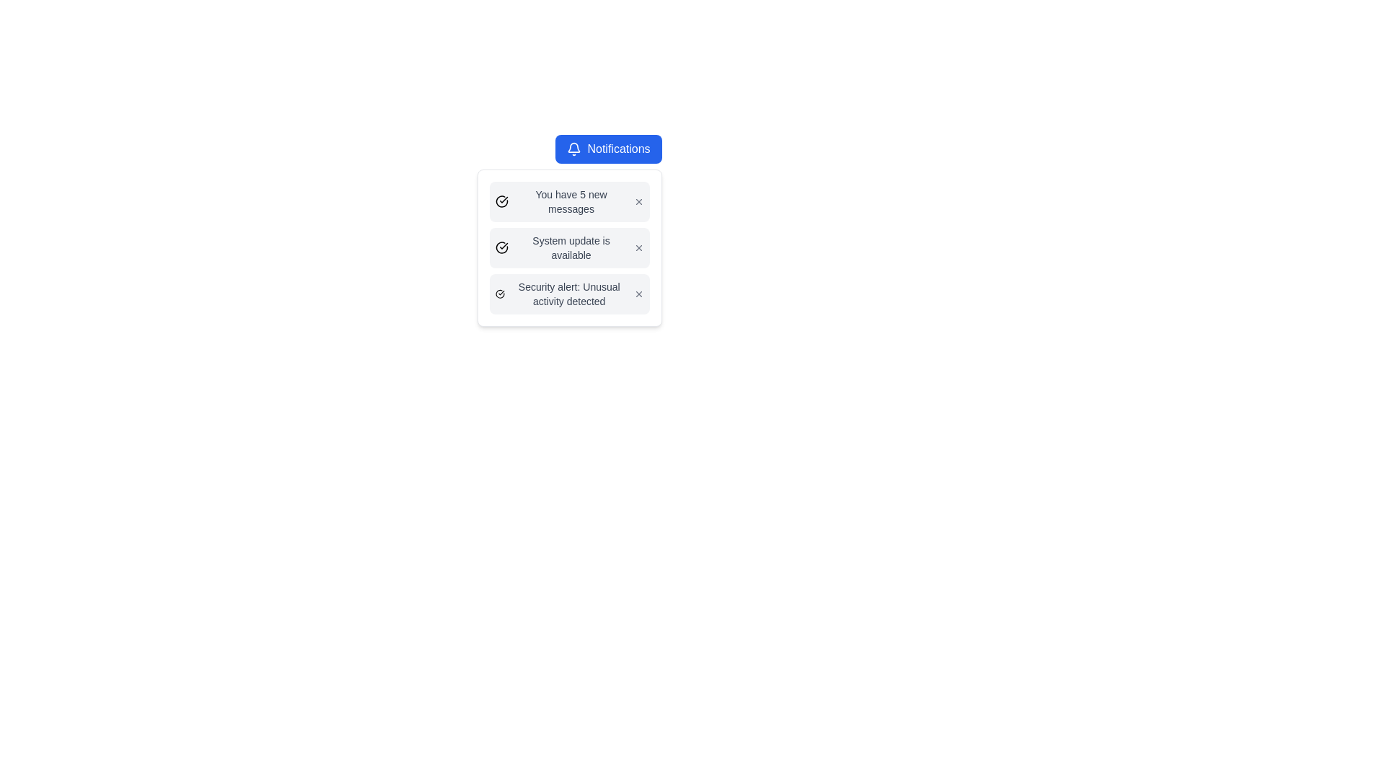 The width and height of the screenshot is (1385, 779). Describe the element at coordinates (573, 149) in the screenshot. I see `the bell-shaped notification icon with a blue background and white stroke lines located` at that location.